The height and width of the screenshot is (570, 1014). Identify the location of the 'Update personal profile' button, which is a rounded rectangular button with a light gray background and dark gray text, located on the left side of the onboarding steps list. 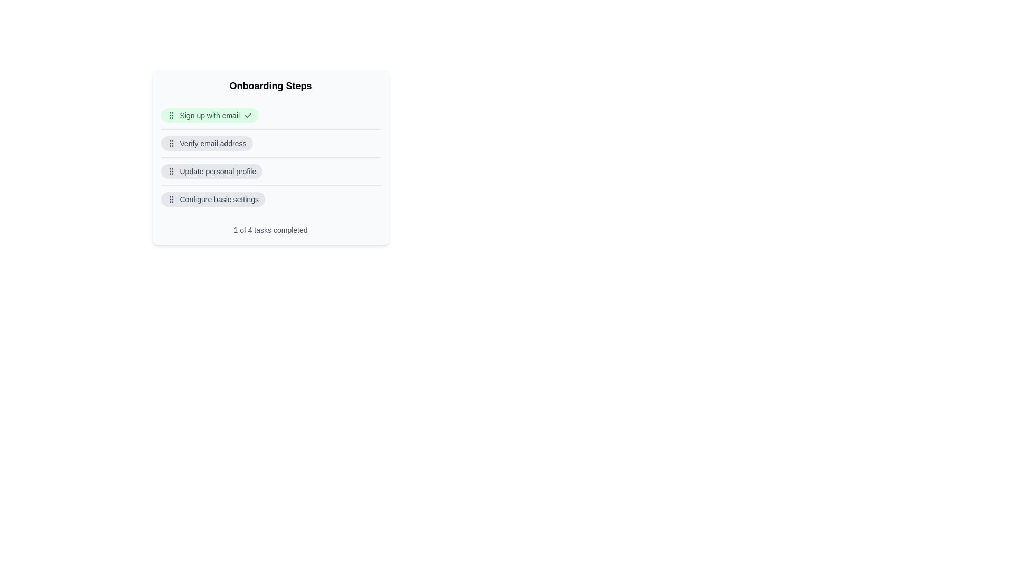
(211, 170).